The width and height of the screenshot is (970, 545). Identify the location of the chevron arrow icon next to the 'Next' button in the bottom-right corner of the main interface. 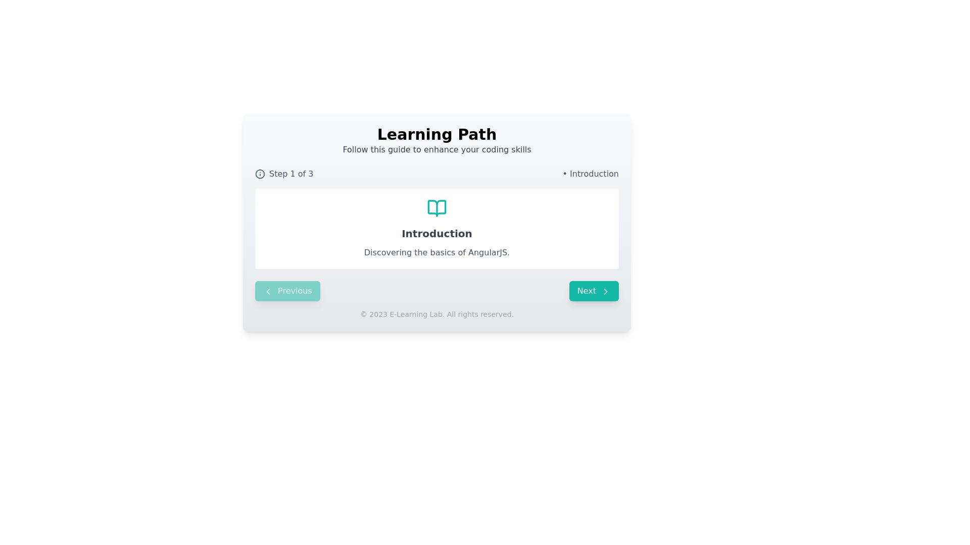
(606, 291).